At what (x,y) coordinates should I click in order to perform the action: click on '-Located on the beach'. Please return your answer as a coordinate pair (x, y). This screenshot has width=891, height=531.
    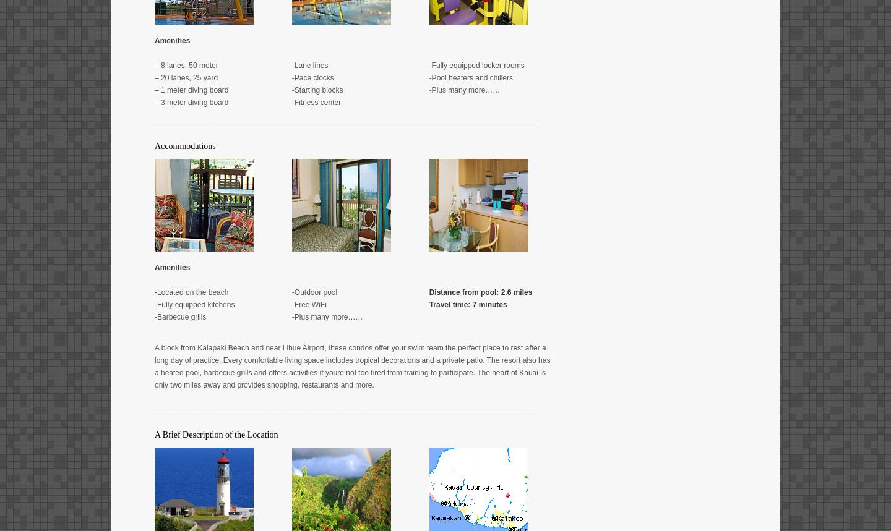
    Looking at the image, I should click on (153, 291).